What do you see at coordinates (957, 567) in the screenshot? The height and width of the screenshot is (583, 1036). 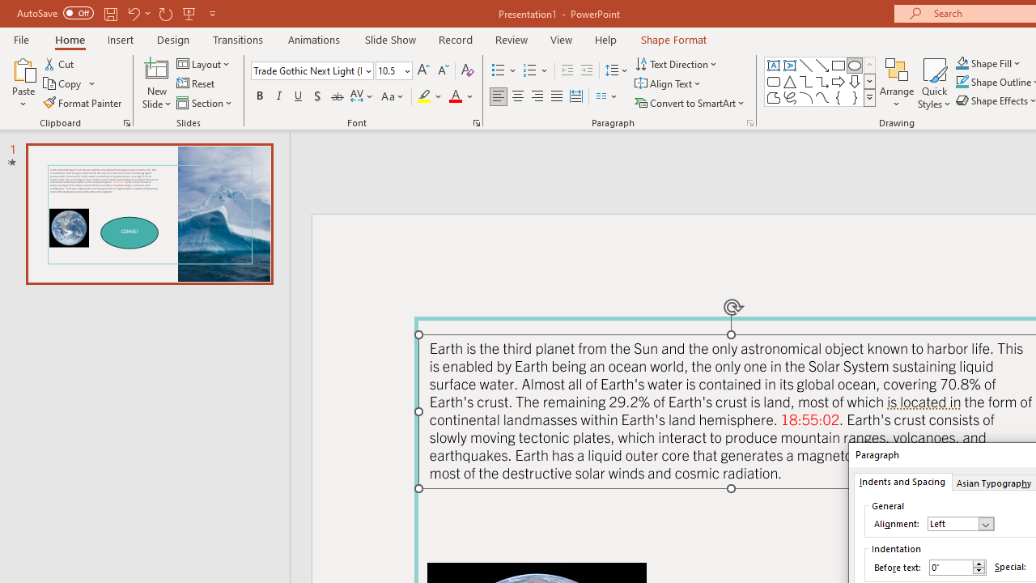 I see `'Before text'` at bounding box center [957, 567].